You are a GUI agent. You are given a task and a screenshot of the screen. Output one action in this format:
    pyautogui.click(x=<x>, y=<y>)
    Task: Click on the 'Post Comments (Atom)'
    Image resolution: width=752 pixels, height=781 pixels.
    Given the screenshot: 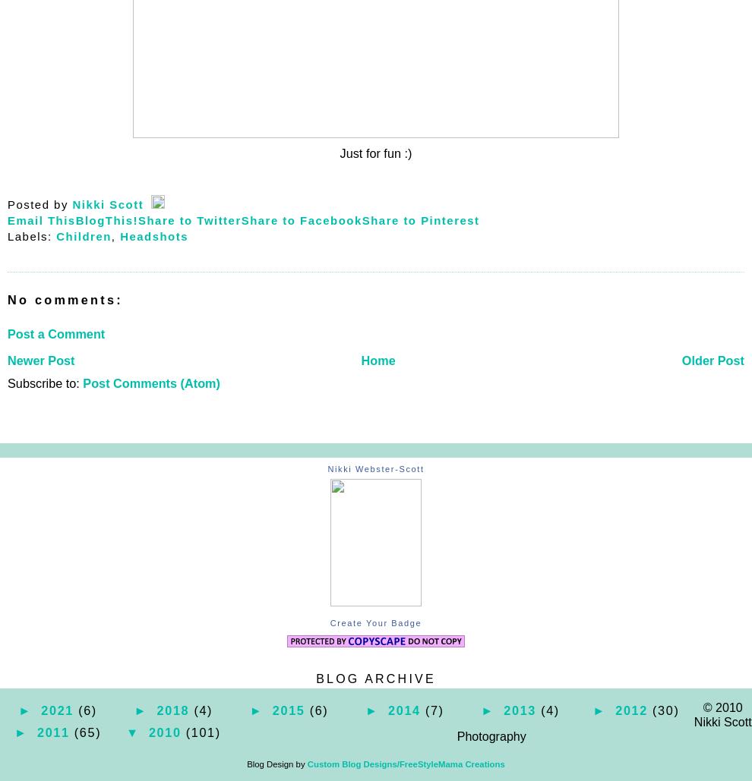 What is the action you would take?
    pyautogui.click(x=81, y=383)
    